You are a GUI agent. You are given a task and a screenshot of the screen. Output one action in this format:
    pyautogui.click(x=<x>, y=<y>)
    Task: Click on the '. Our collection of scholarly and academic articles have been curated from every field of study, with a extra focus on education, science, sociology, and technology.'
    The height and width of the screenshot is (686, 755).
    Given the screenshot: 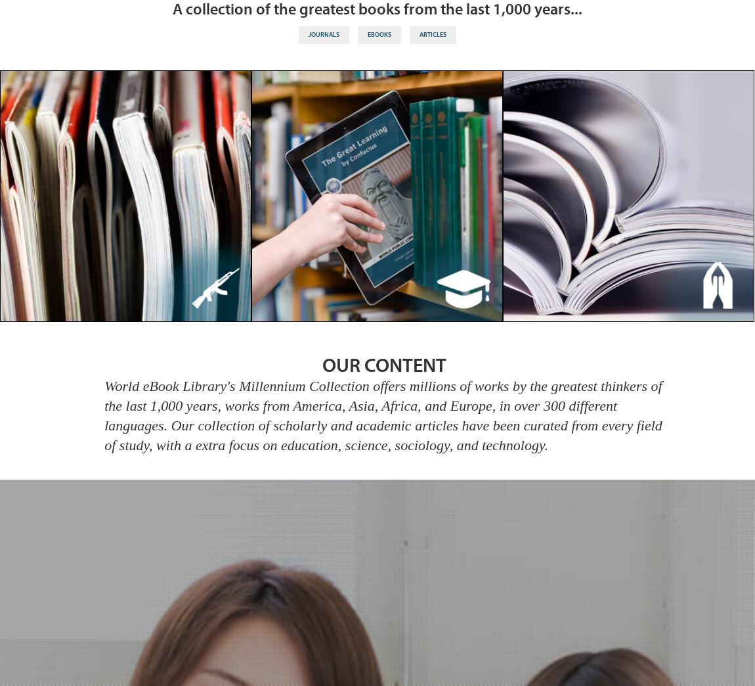 What is the action you would take?
    pyautogui.click(x=382, y=434)
    